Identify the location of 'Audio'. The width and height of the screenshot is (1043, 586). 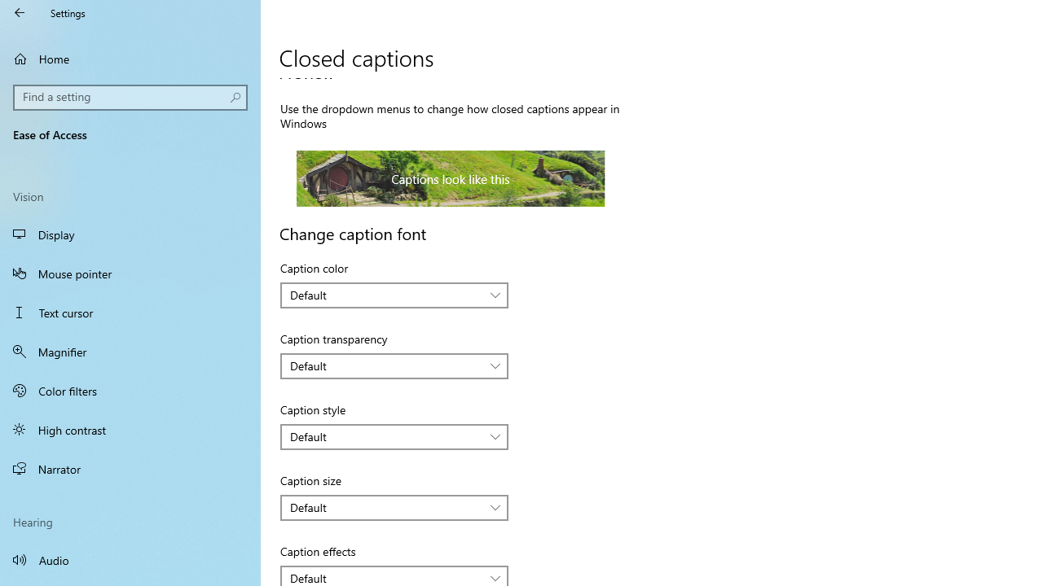
(130, 558).